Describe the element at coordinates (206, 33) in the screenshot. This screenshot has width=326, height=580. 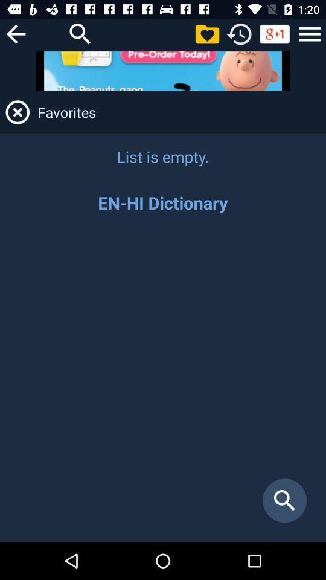
I see `as favorite` at that location.